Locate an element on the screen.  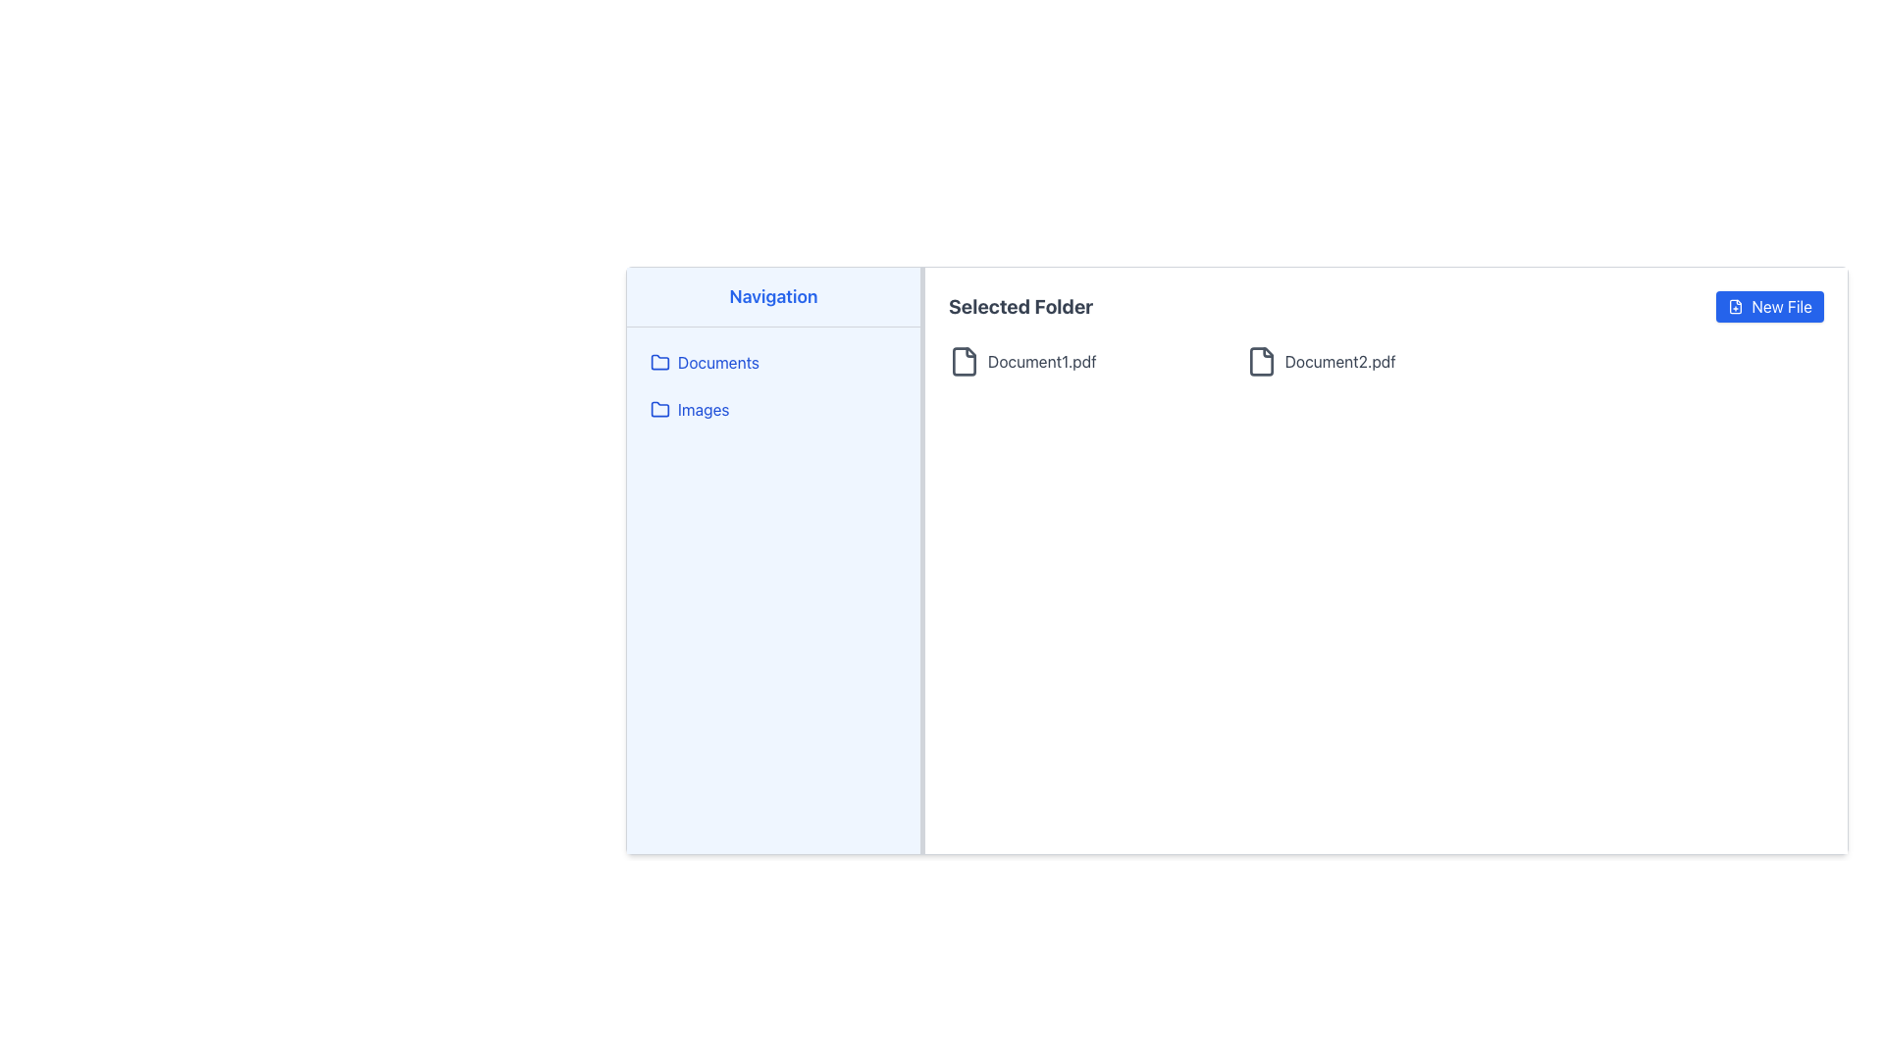
the text label indicating the name of the document file, which is the second document in the 'Selected Folder' section of the application interface is located at coordinates (1339, 362).